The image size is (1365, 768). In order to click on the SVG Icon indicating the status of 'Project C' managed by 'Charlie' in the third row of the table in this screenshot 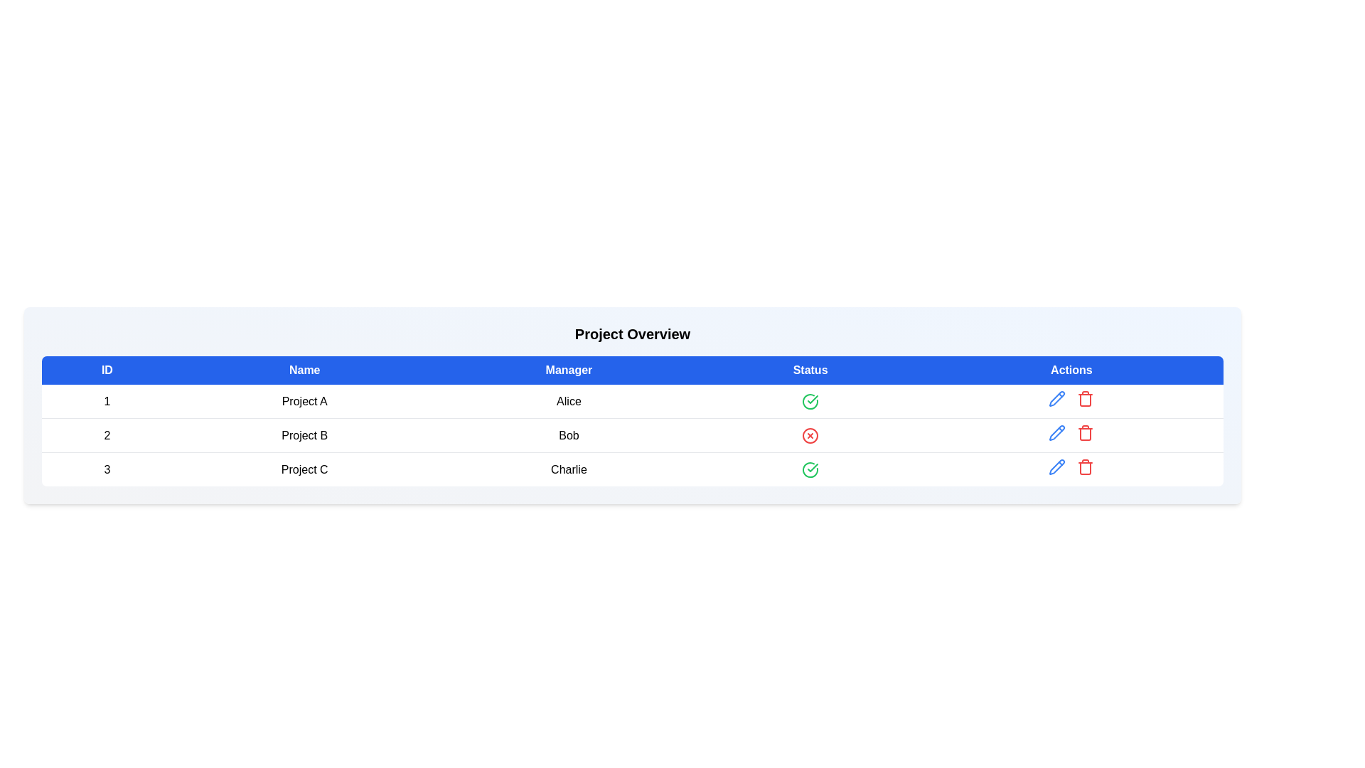, I will do `click(810, 469)`.